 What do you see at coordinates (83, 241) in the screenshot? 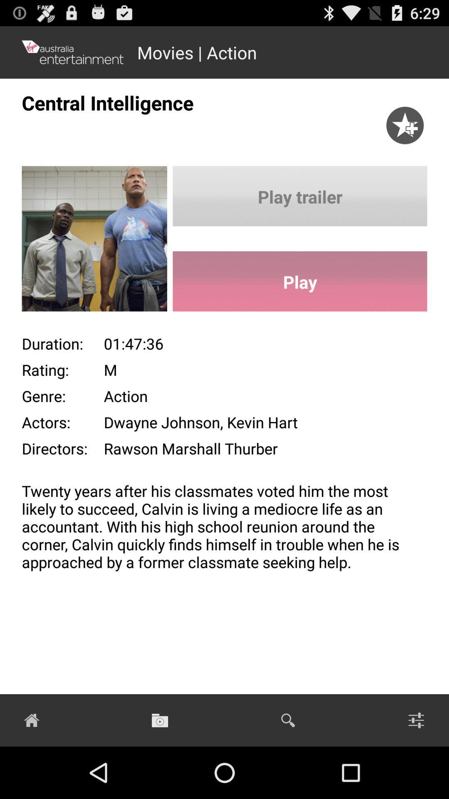
I see `the image below central intelligence` at bounding box center [83, 241].